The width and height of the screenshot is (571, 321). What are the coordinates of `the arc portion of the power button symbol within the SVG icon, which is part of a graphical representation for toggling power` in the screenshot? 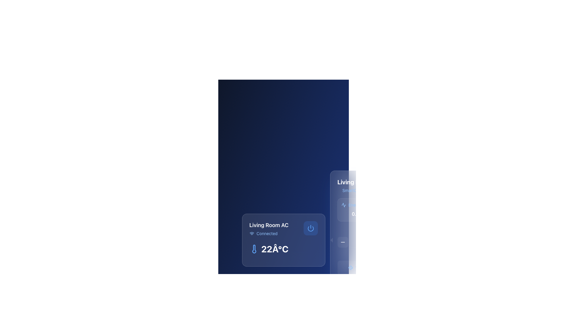 It's located at (310, 229).